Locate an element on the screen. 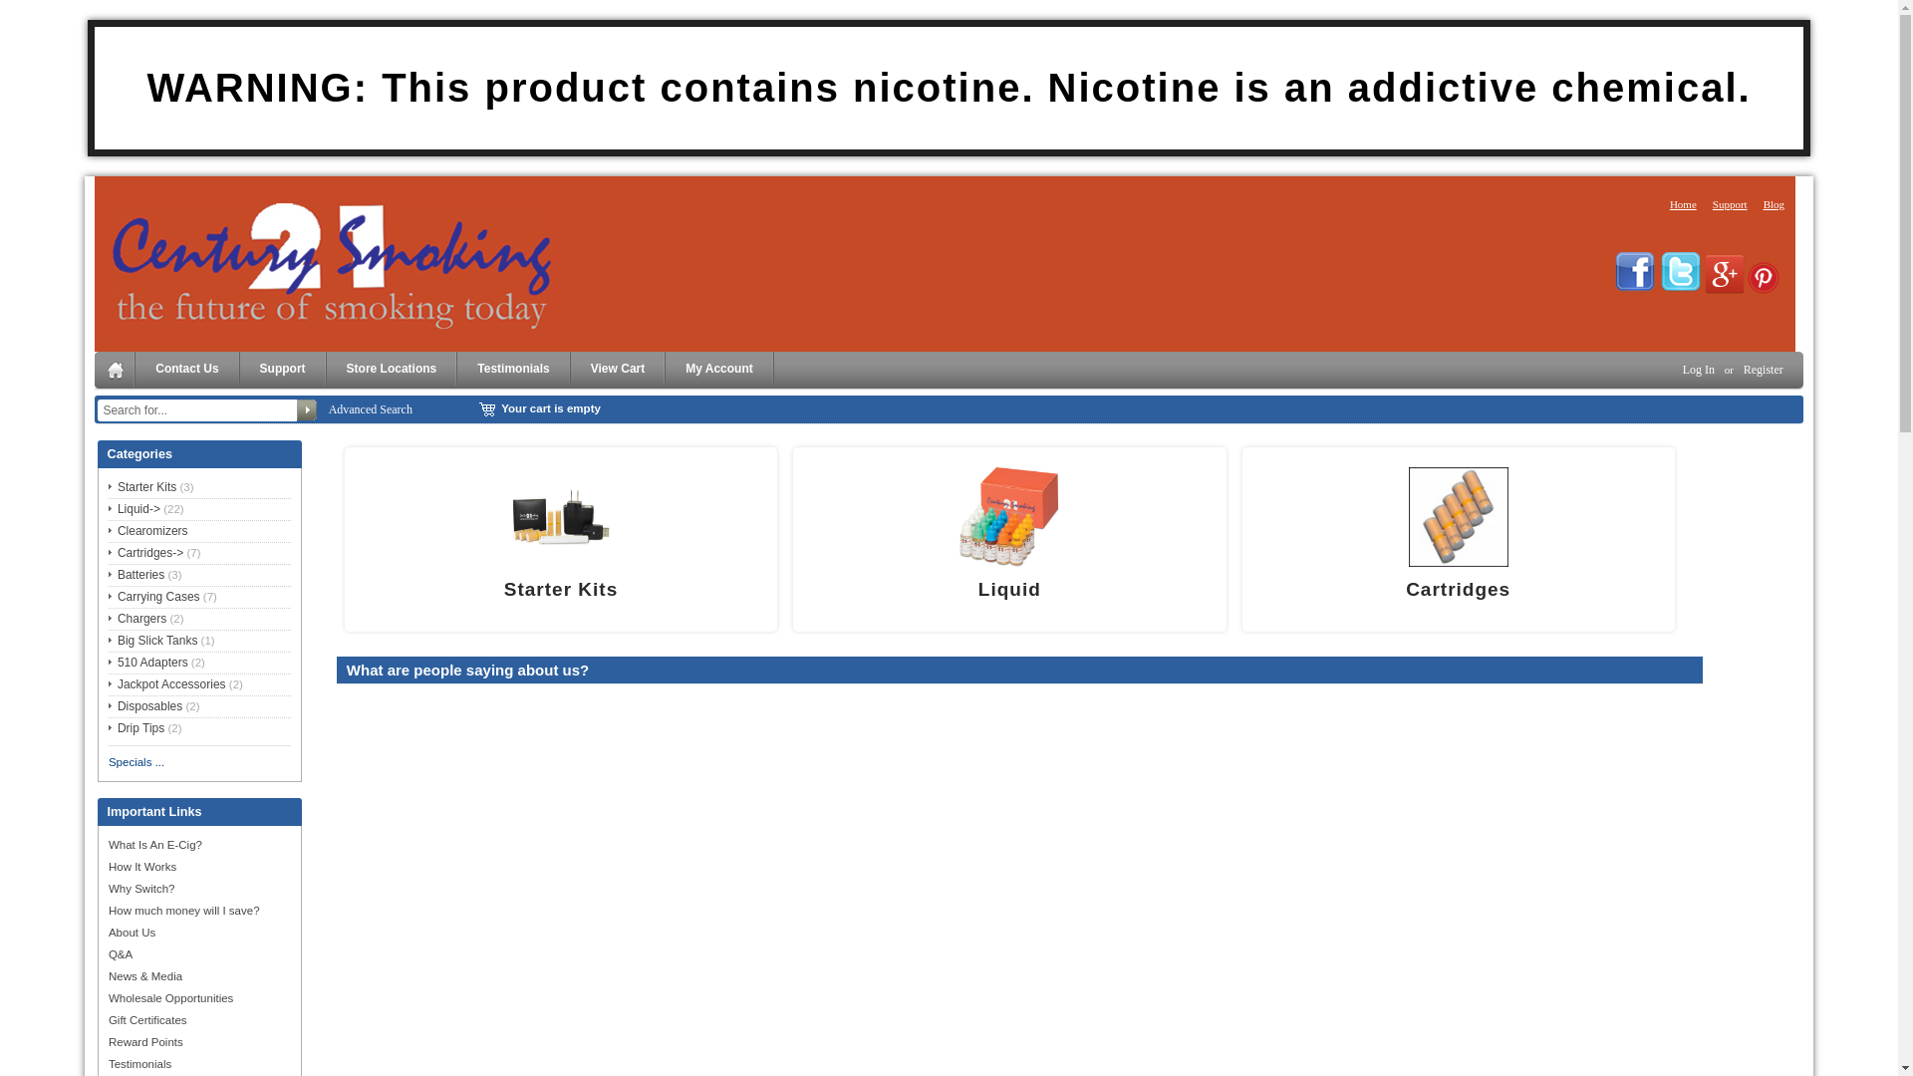 This screenshot has height=1076, width=1913. 'About Us' is located at coordinates (108, 933).